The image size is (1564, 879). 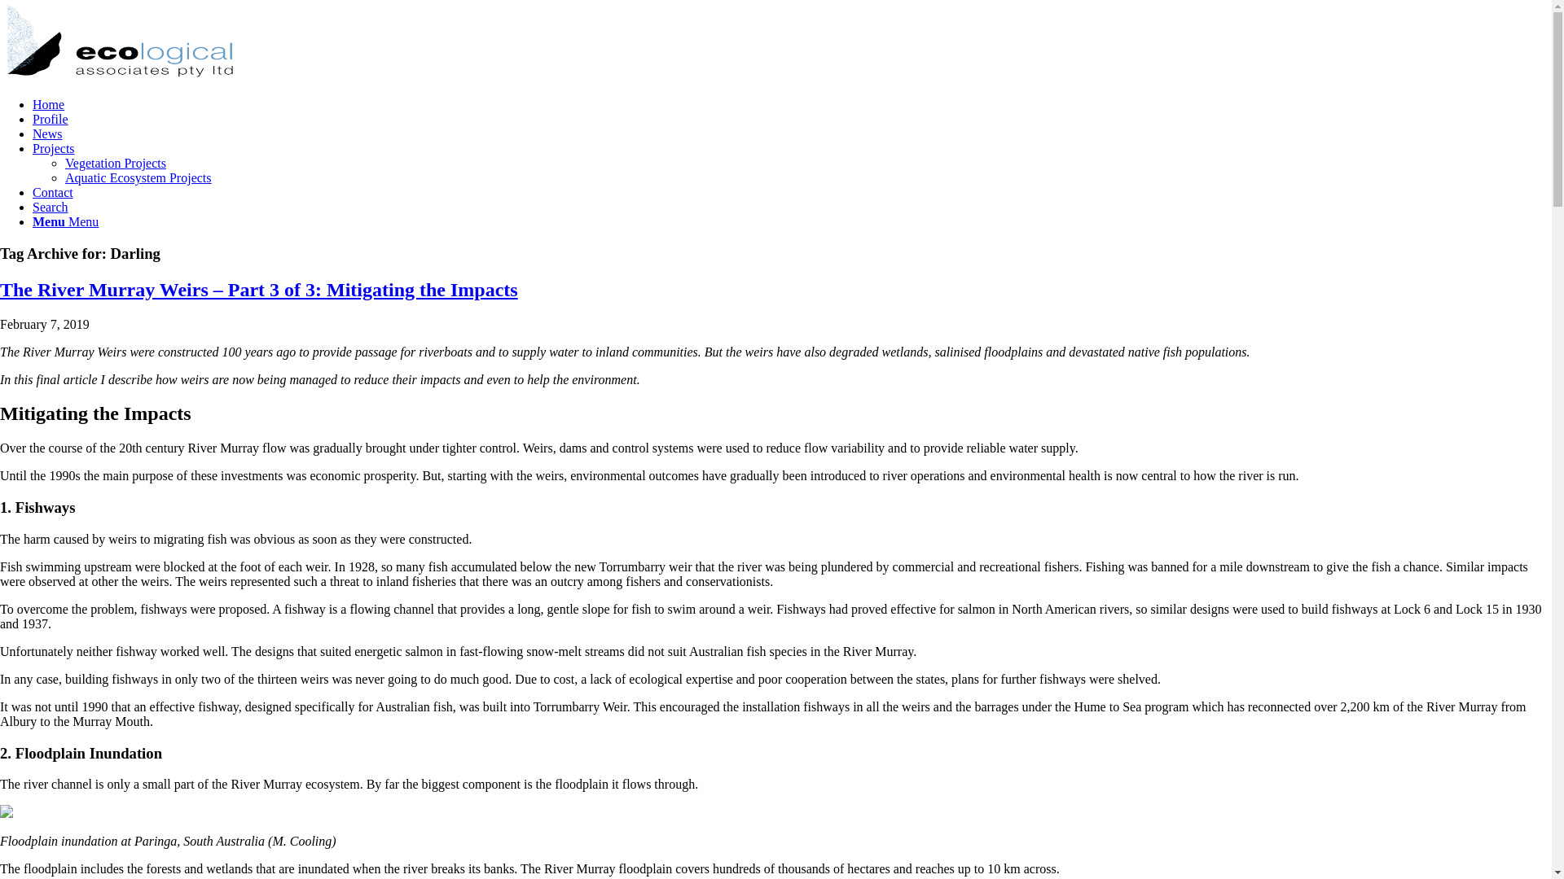 I want to click on 'Home', so click(x=32, y=104).